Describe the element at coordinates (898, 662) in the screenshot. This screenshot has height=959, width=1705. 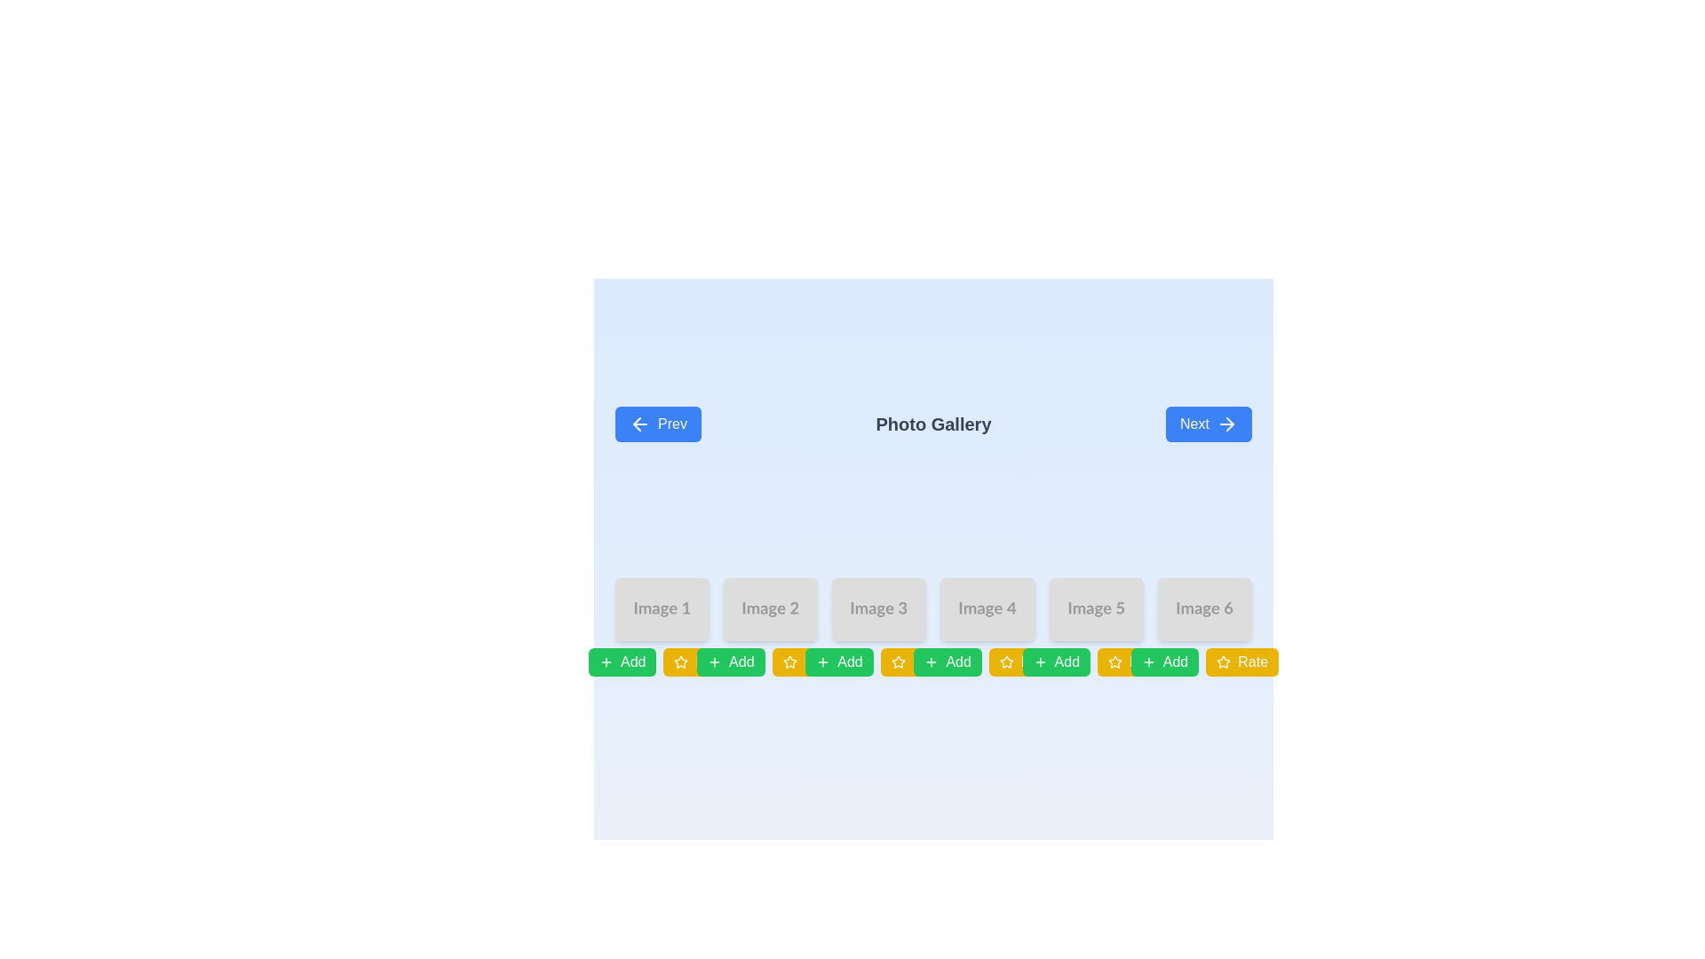
I see `the star icon located to the left of the text 'Rate' within the yellow rectangular button at the bottom-right corner of the interface to interact with the rating functionality` at that location.